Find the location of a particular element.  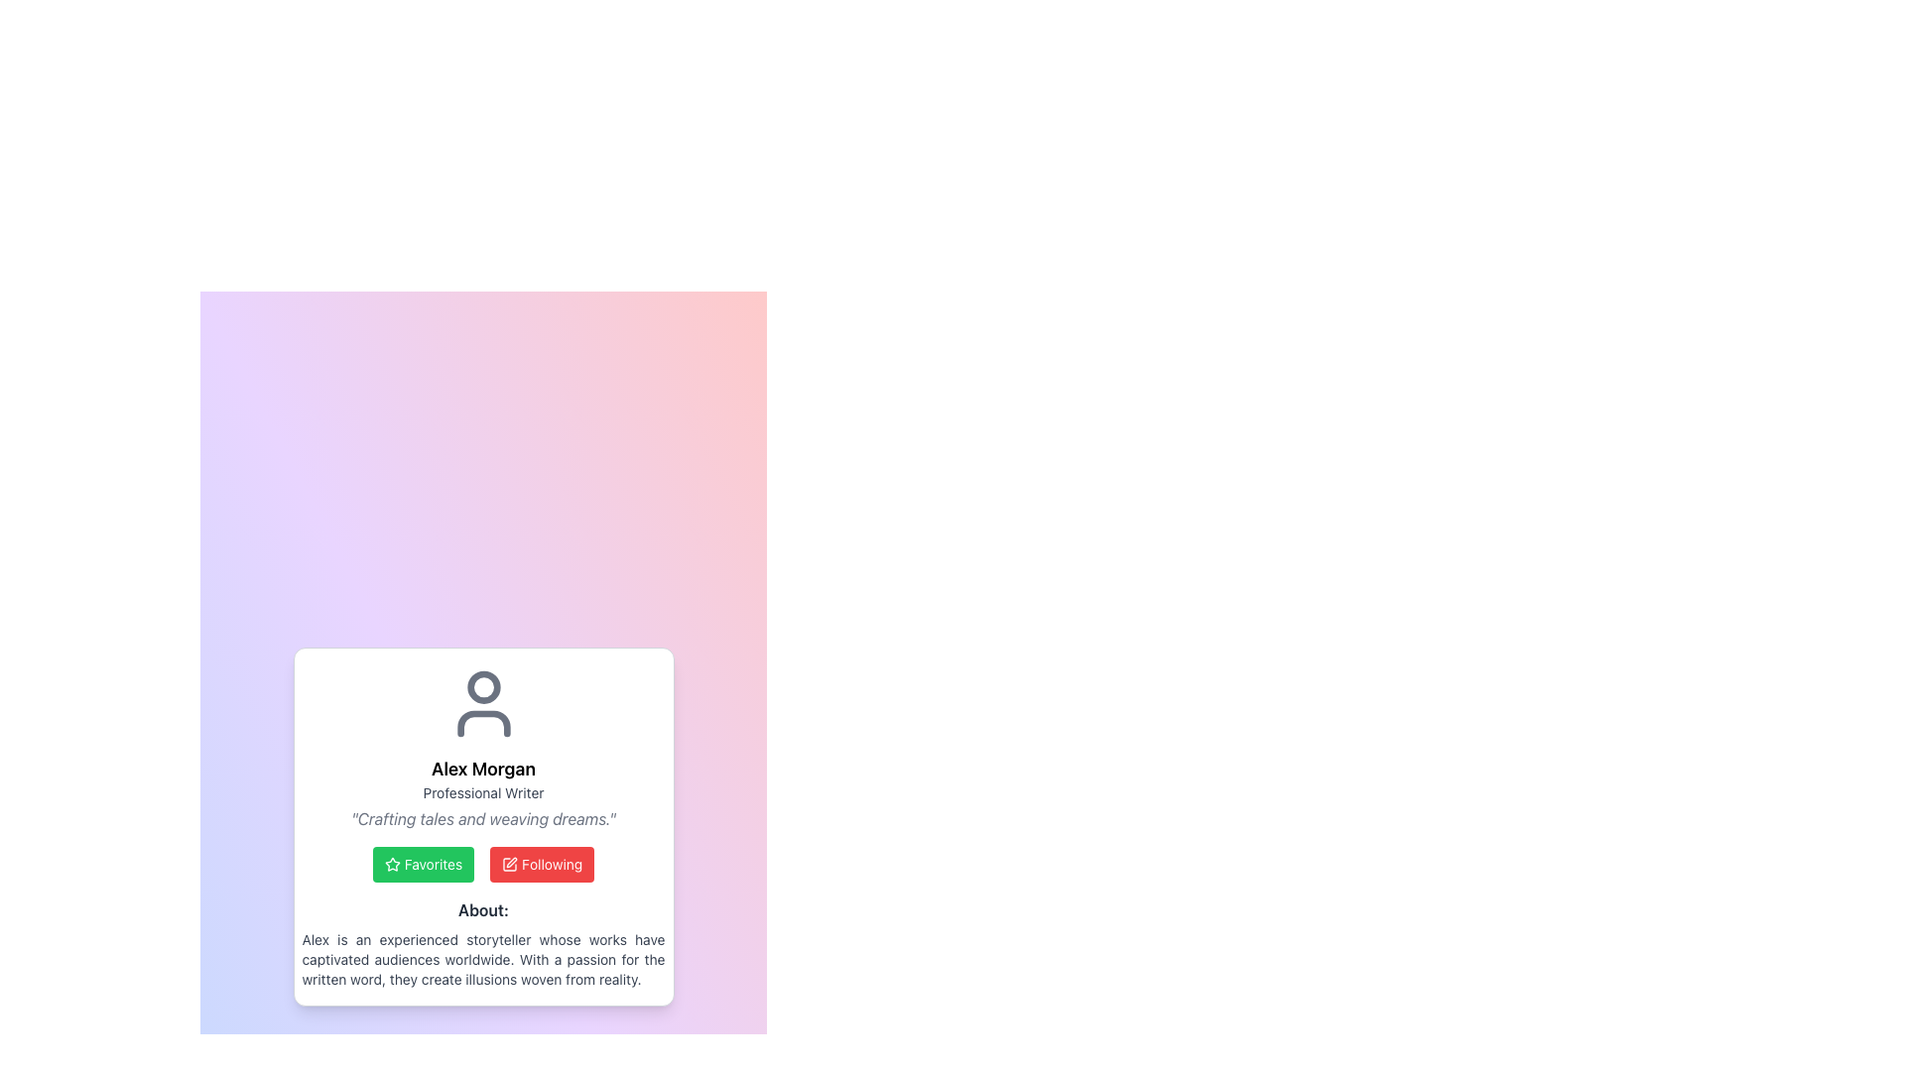

the 'Favorites' button which contains the star icon to mark an item as favorite is located at coordinates (392, 863).